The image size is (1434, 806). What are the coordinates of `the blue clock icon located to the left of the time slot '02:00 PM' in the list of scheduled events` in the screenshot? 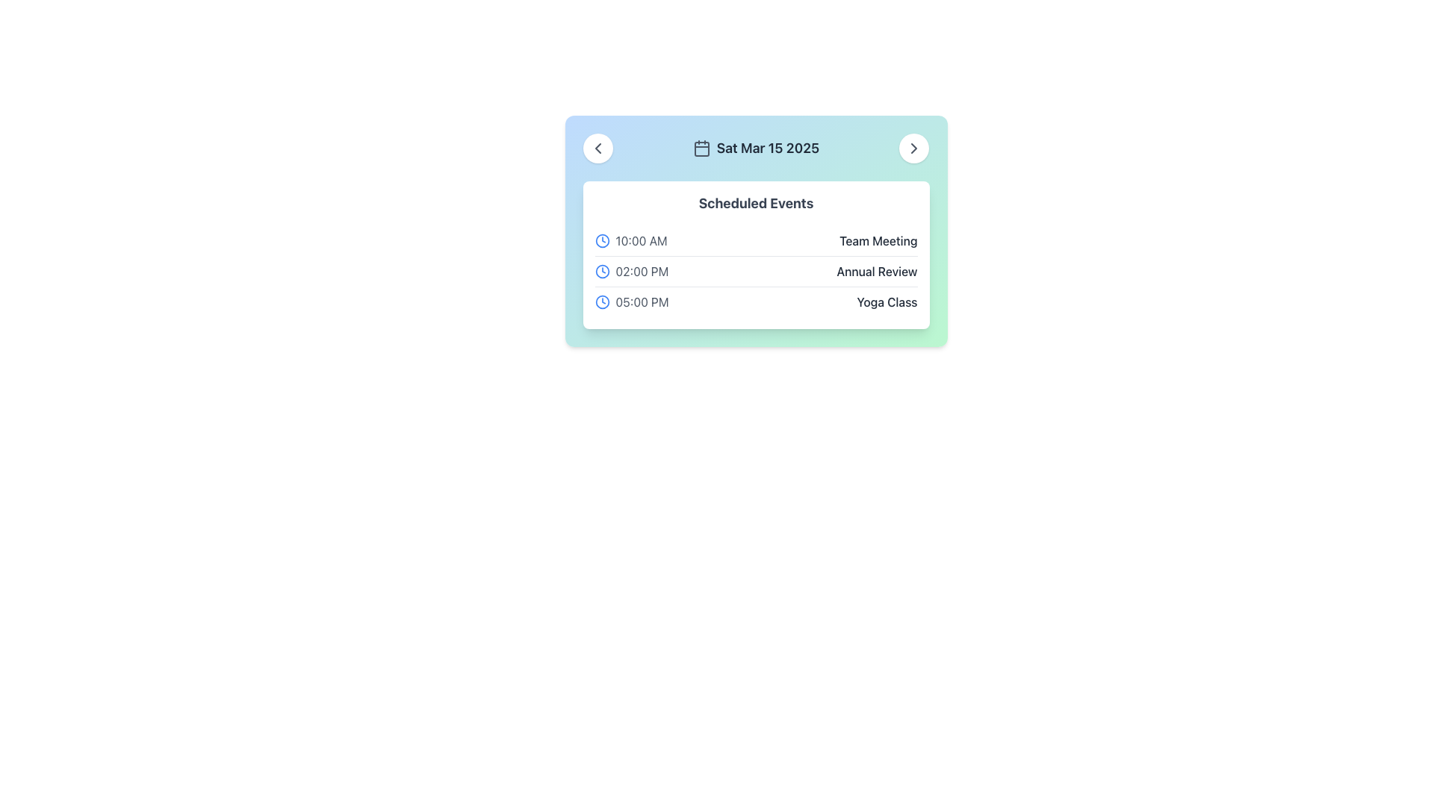 It's located at (602, 271).